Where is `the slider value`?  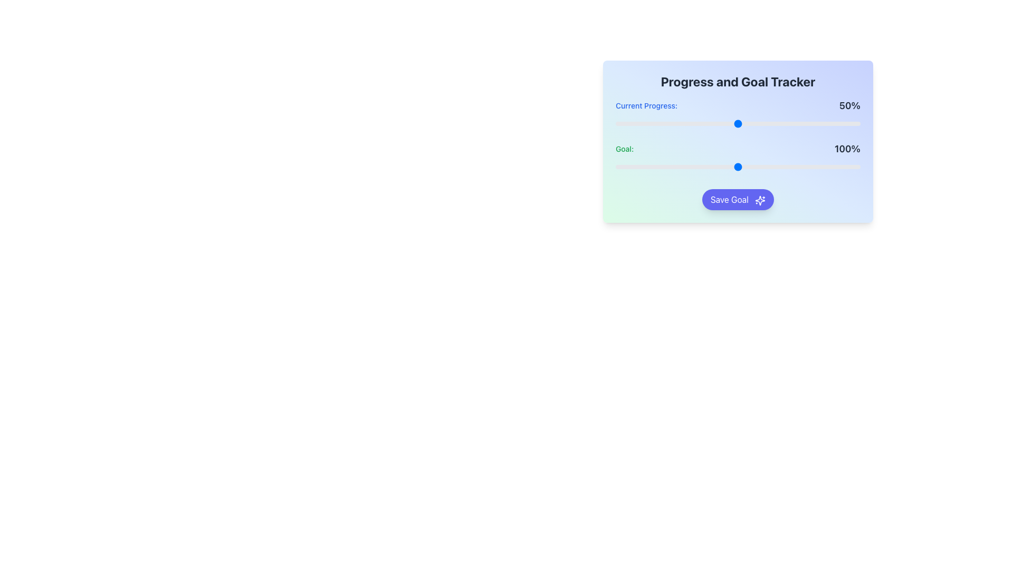 the slider value is located at coordinates (858, 166).